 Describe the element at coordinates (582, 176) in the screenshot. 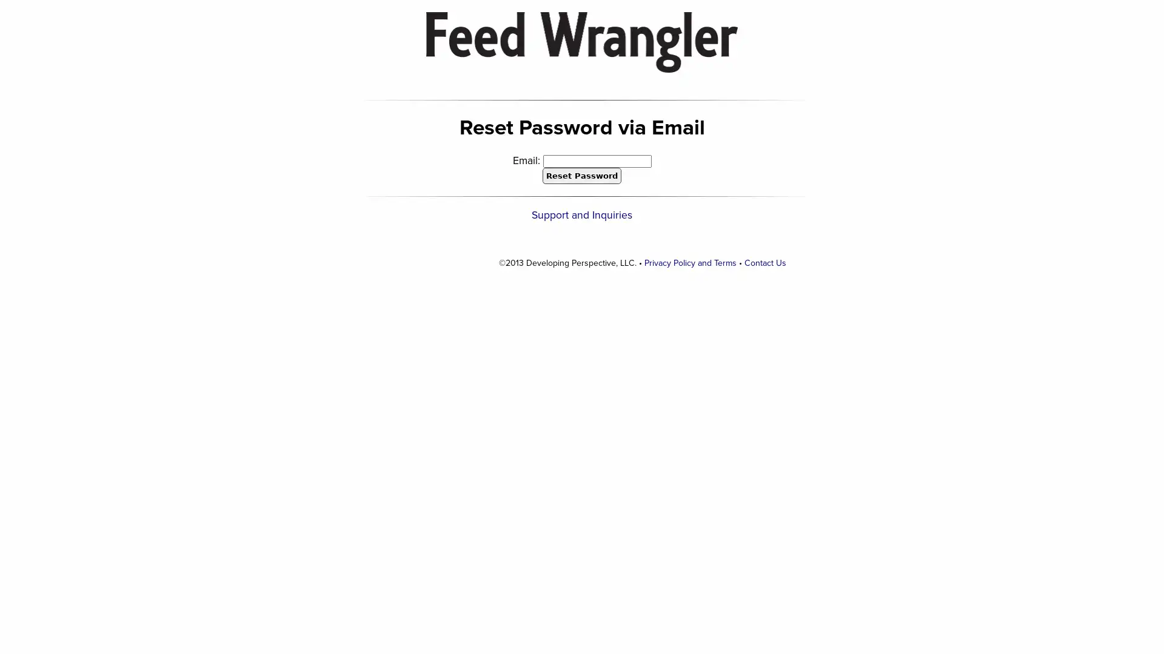

I see `Reset Password` at that location.